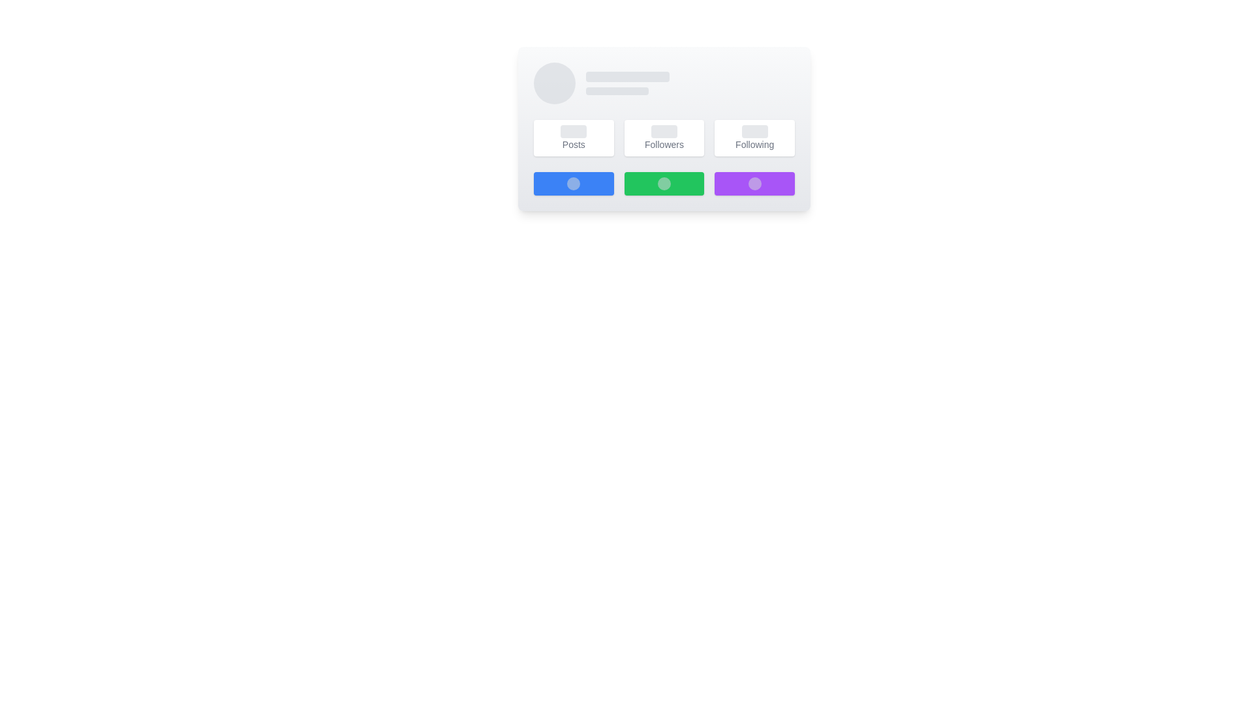  Describe the element at coordinates (754, 138) in the screenshot. I see `the Informational panel with a white background, featuring a gray placeholder square at the top and the text 'Following' below it, which is the third element in a horizontal sequence of similar elements` at that location.